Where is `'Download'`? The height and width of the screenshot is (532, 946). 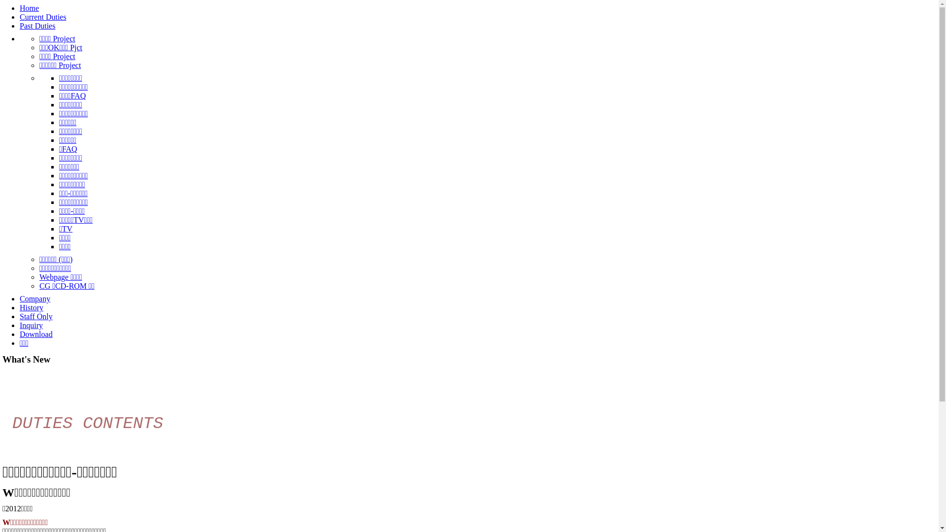 'Download' is located at coordinates (36, 333).